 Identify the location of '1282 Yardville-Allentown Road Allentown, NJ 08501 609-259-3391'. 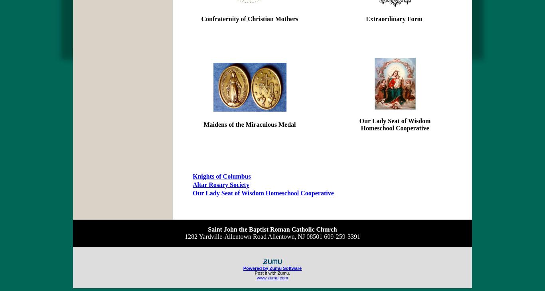
(184, 236).